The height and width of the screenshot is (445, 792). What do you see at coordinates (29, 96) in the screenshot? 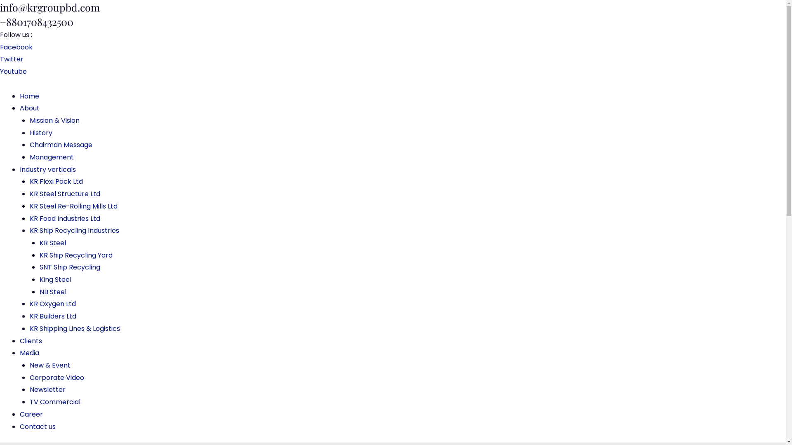
I see `'Home'` at bounding box center [29, 96].